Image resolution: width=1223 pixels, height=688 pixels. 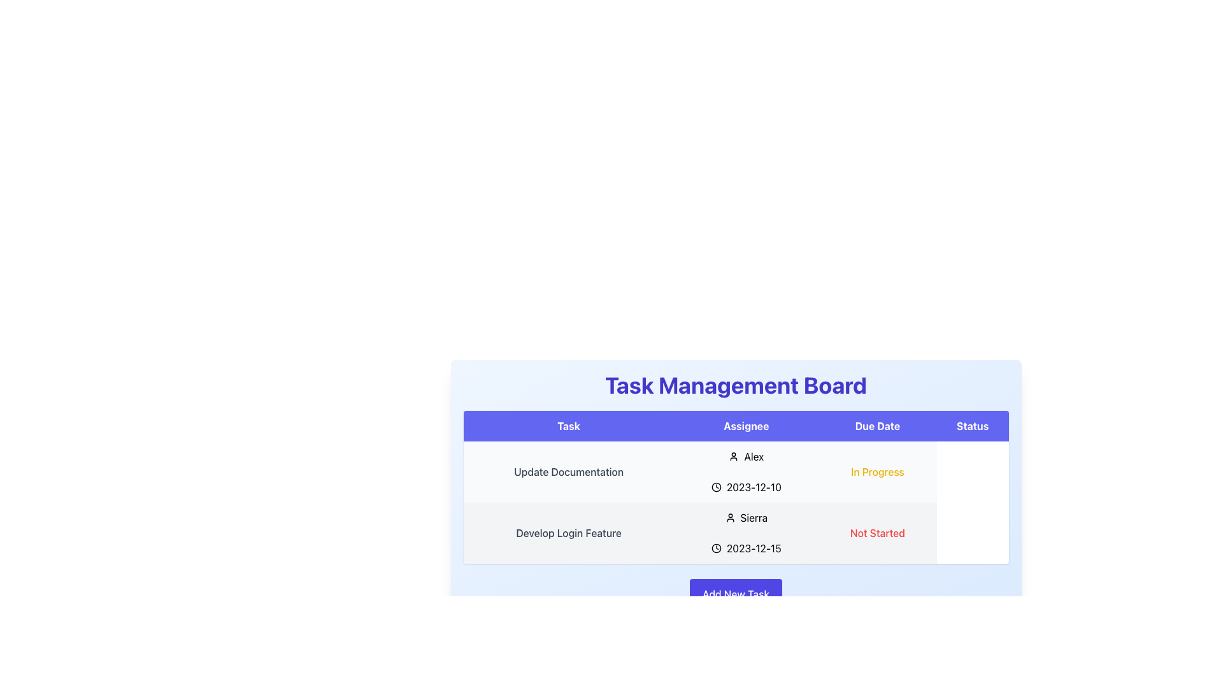 I want to click on the text label displaying 'Sierra' in the second row of the 'Assignee' column within the task table, so click(x=754, y=518).